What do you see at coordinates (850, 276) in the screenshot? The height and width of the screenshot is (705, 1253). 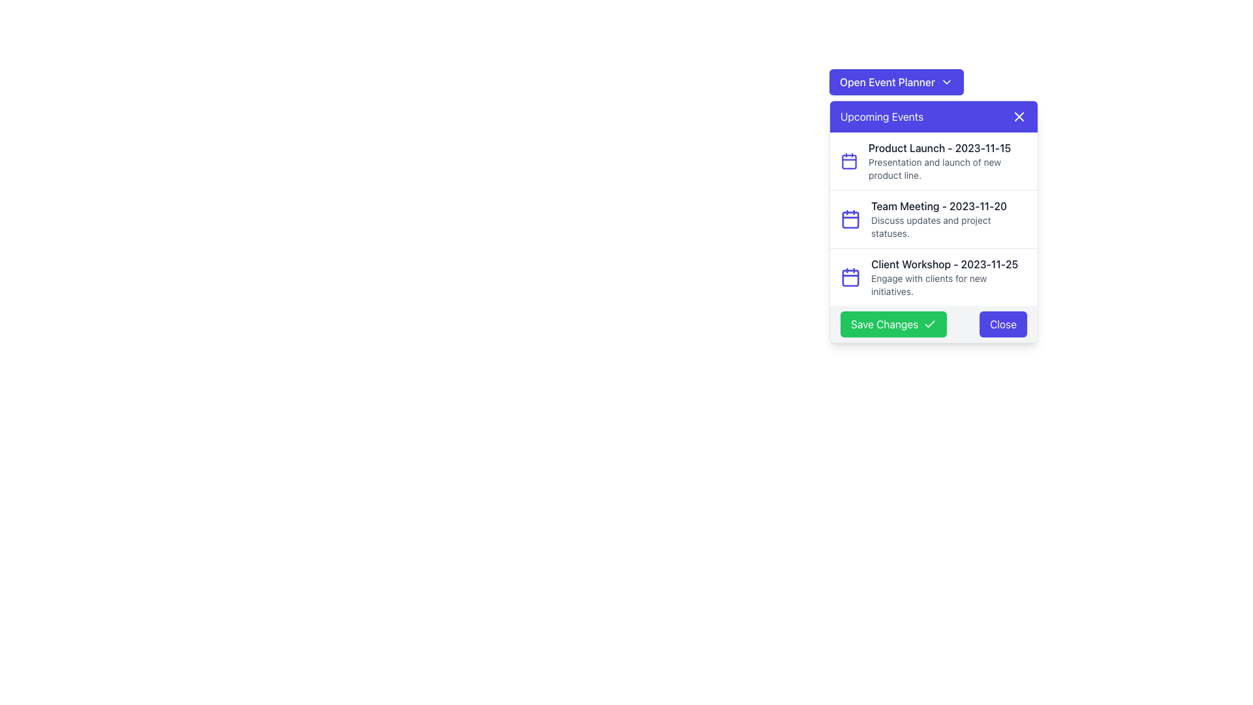 I see `the calendar icon with a purple outline located in the 'Upcoming Events' panel, preceding the 'Client Workshop - 2023-11-25' text` at bounding box center [850, 276].